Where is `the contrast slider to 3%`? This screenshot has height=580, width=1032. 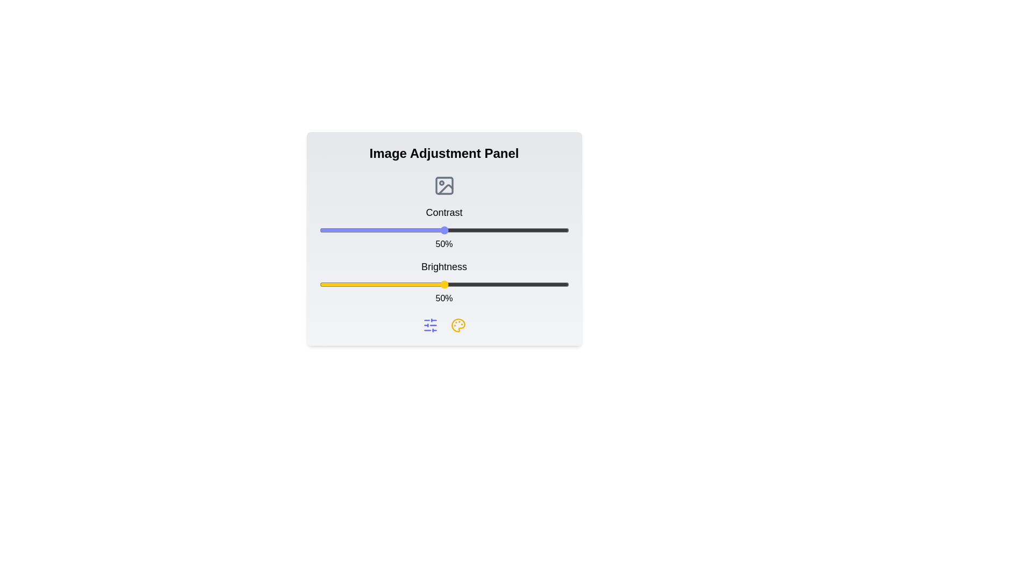
the contrast slider to 3% is located at coordinates (326, 229).